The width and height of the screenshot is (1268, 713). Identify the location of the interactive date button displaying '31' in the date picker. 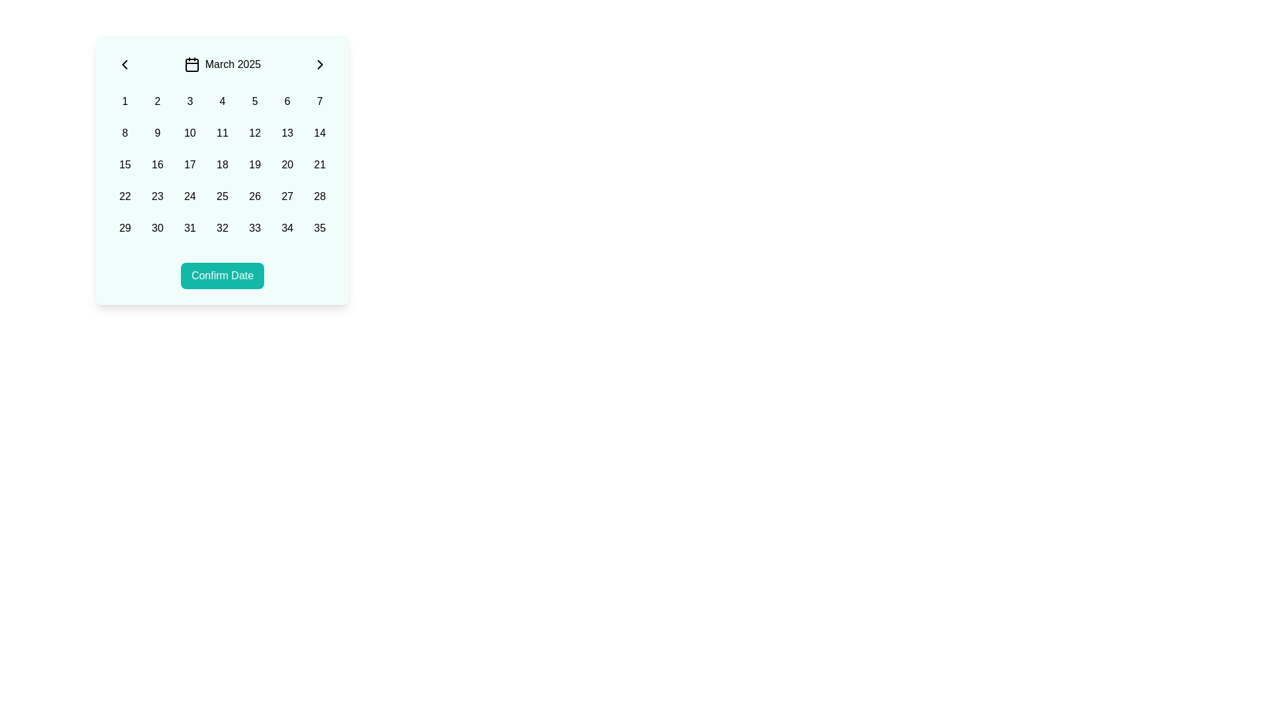
(189, 228).